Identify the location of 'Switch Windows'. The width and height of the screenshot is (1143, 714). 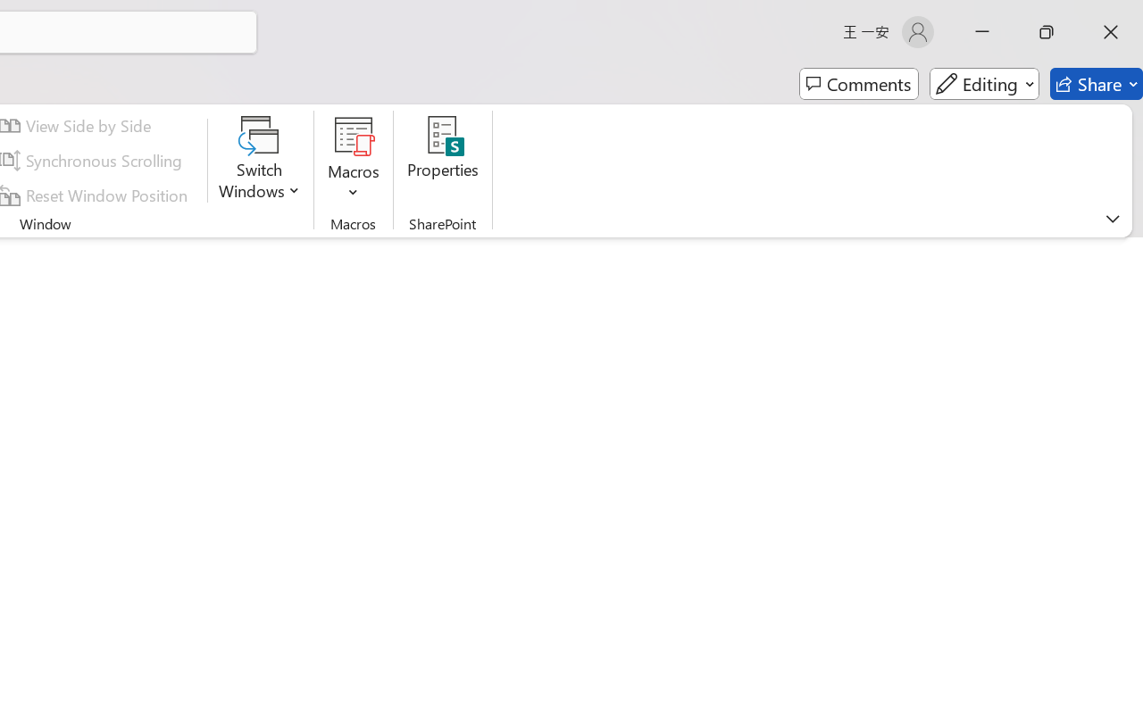
(259, 160).